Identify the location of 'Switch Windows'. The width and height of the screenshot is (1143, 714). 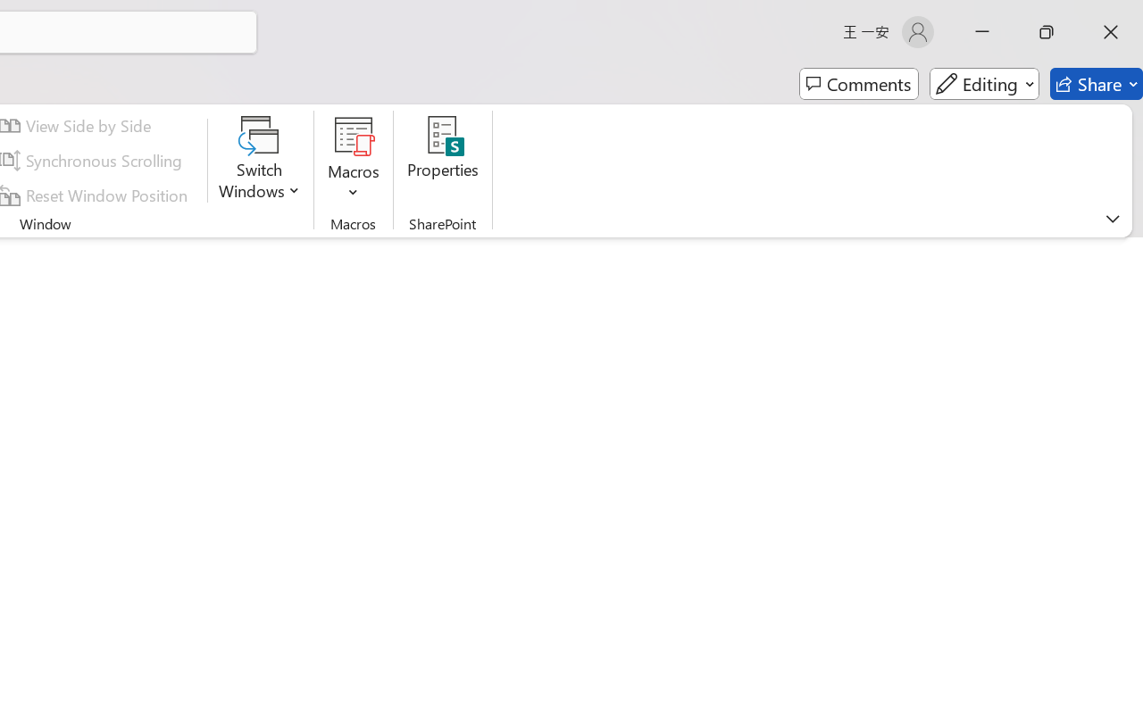
(259, 160).